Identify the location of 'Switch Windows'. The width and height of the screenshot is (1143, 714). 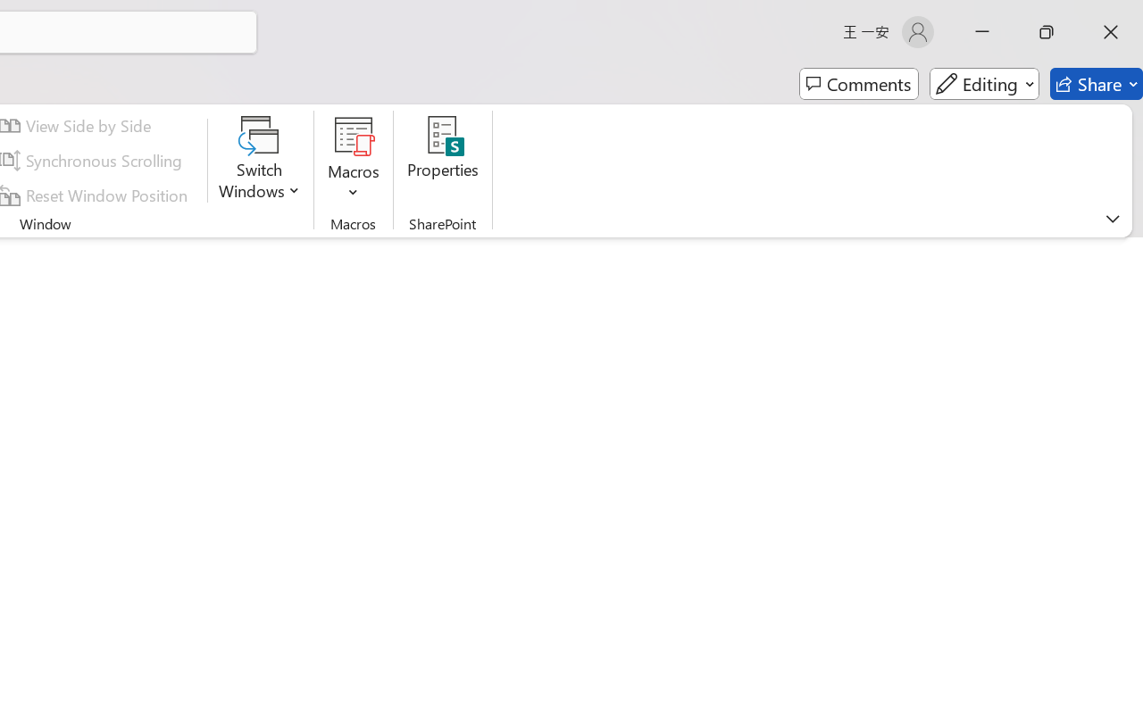
(259, 160).